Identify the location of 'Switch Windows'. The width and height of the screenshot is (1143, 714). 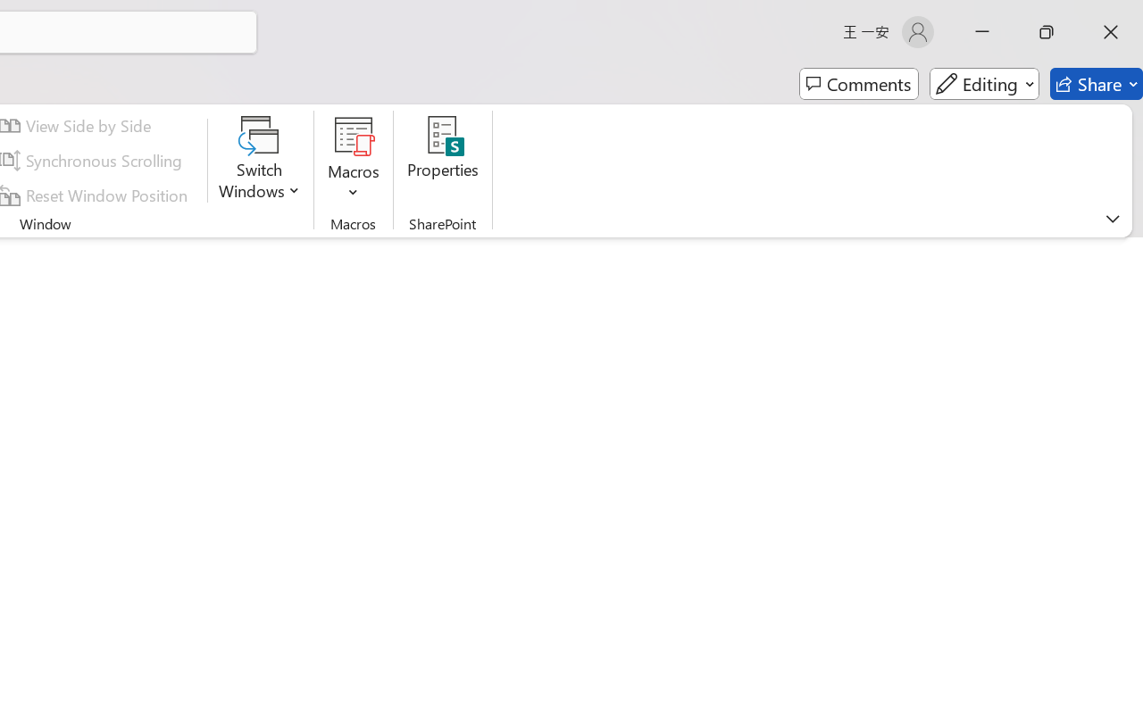
(259, 160).